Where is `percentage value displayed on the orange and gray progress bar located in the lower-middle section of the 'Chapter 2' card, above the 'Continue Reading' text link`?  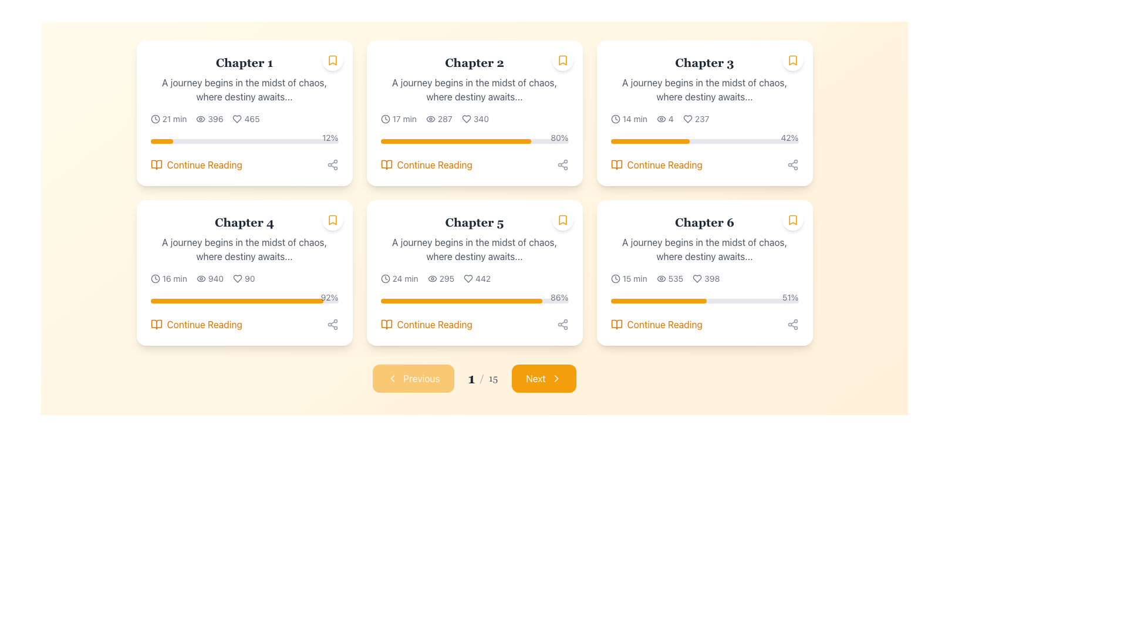
percentage value displayed on the orange and gray progress bar located in the lower-middle section of the 'Chapter 2' card, above the 'Continue Reading' text link is located at coordinates (474, 138).